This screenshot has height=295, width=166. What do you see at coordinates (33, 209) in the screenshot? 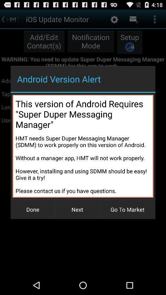
I see `done button` at bounding box center [33, 209].